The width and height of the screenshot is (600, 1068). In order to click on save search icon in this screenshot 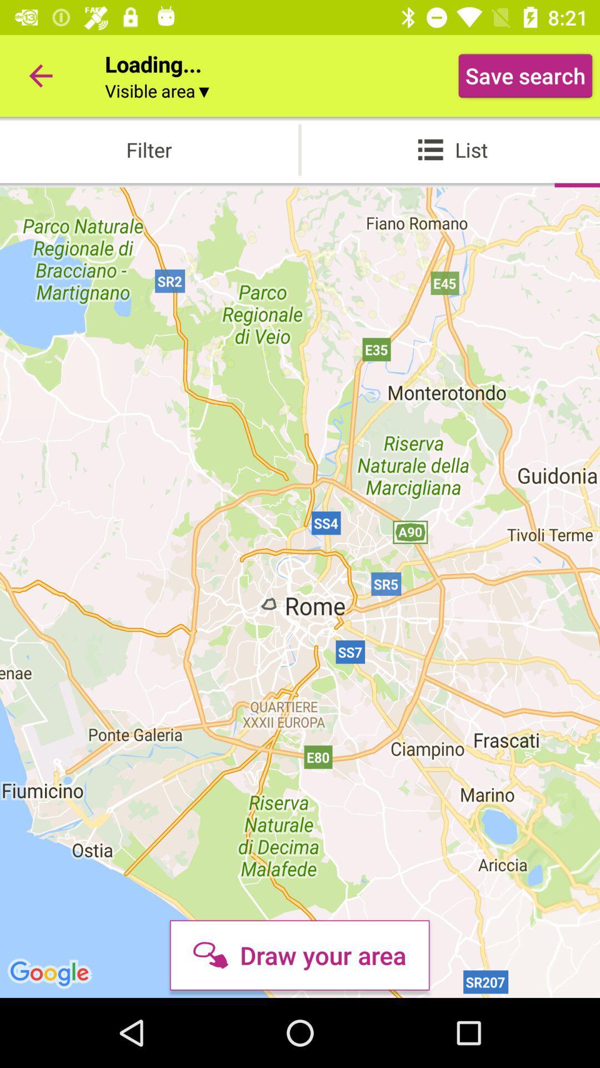, I will do `click(525, 75)`.